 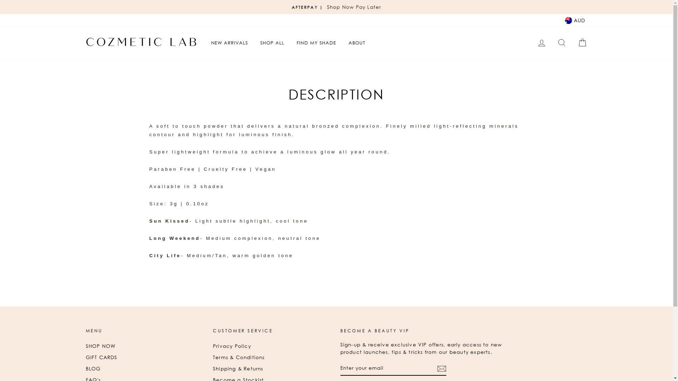 What do you see at coordinates (316, 42) in the screenshot?
I see `'FIND MY SHADE'` at bounding box center [316, 42].